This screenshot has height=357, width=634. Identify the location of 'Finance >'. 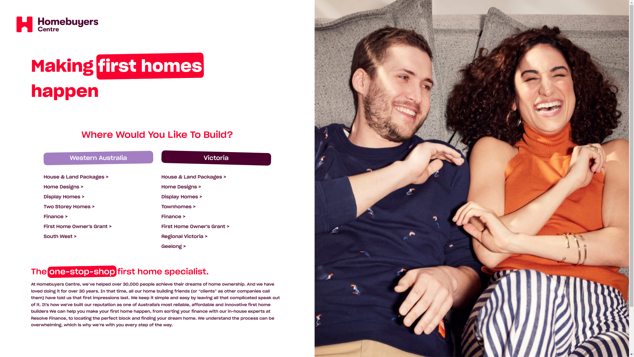
(55, 217).